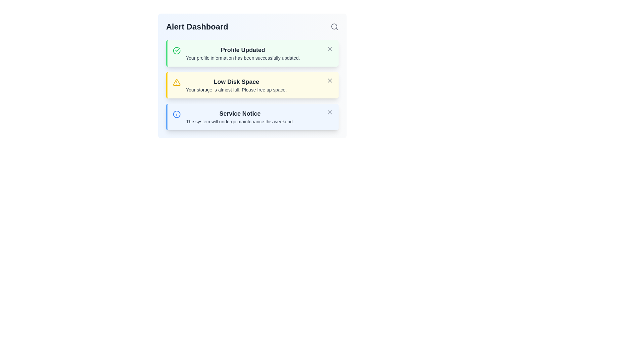  I want to click on the small close button styled as an 'X' icon located on the far-right side of the yellow alert panel titled 'Low Disk Space', so click(330, 80).